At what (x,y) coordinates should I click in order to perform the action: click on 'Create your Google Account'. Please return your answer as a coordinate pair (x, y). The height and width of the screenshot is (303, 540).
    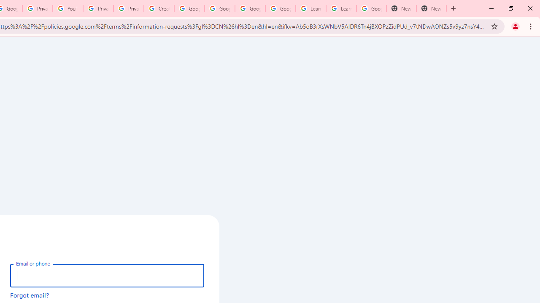
    Looking at the image, I should click on (159, 8).